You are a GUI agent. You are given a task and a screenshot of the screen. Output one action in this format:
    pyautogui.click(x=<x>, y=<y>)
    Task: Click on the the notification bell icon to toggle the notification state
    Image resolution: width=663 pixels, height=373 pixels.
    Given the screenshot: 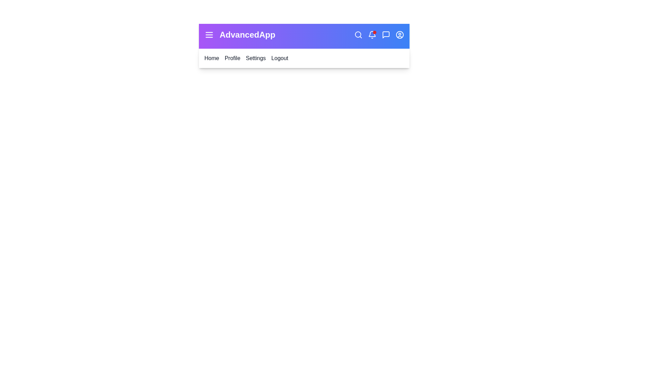 What is the action you would take?
    pyautogui.click(x=372, y=35)
    